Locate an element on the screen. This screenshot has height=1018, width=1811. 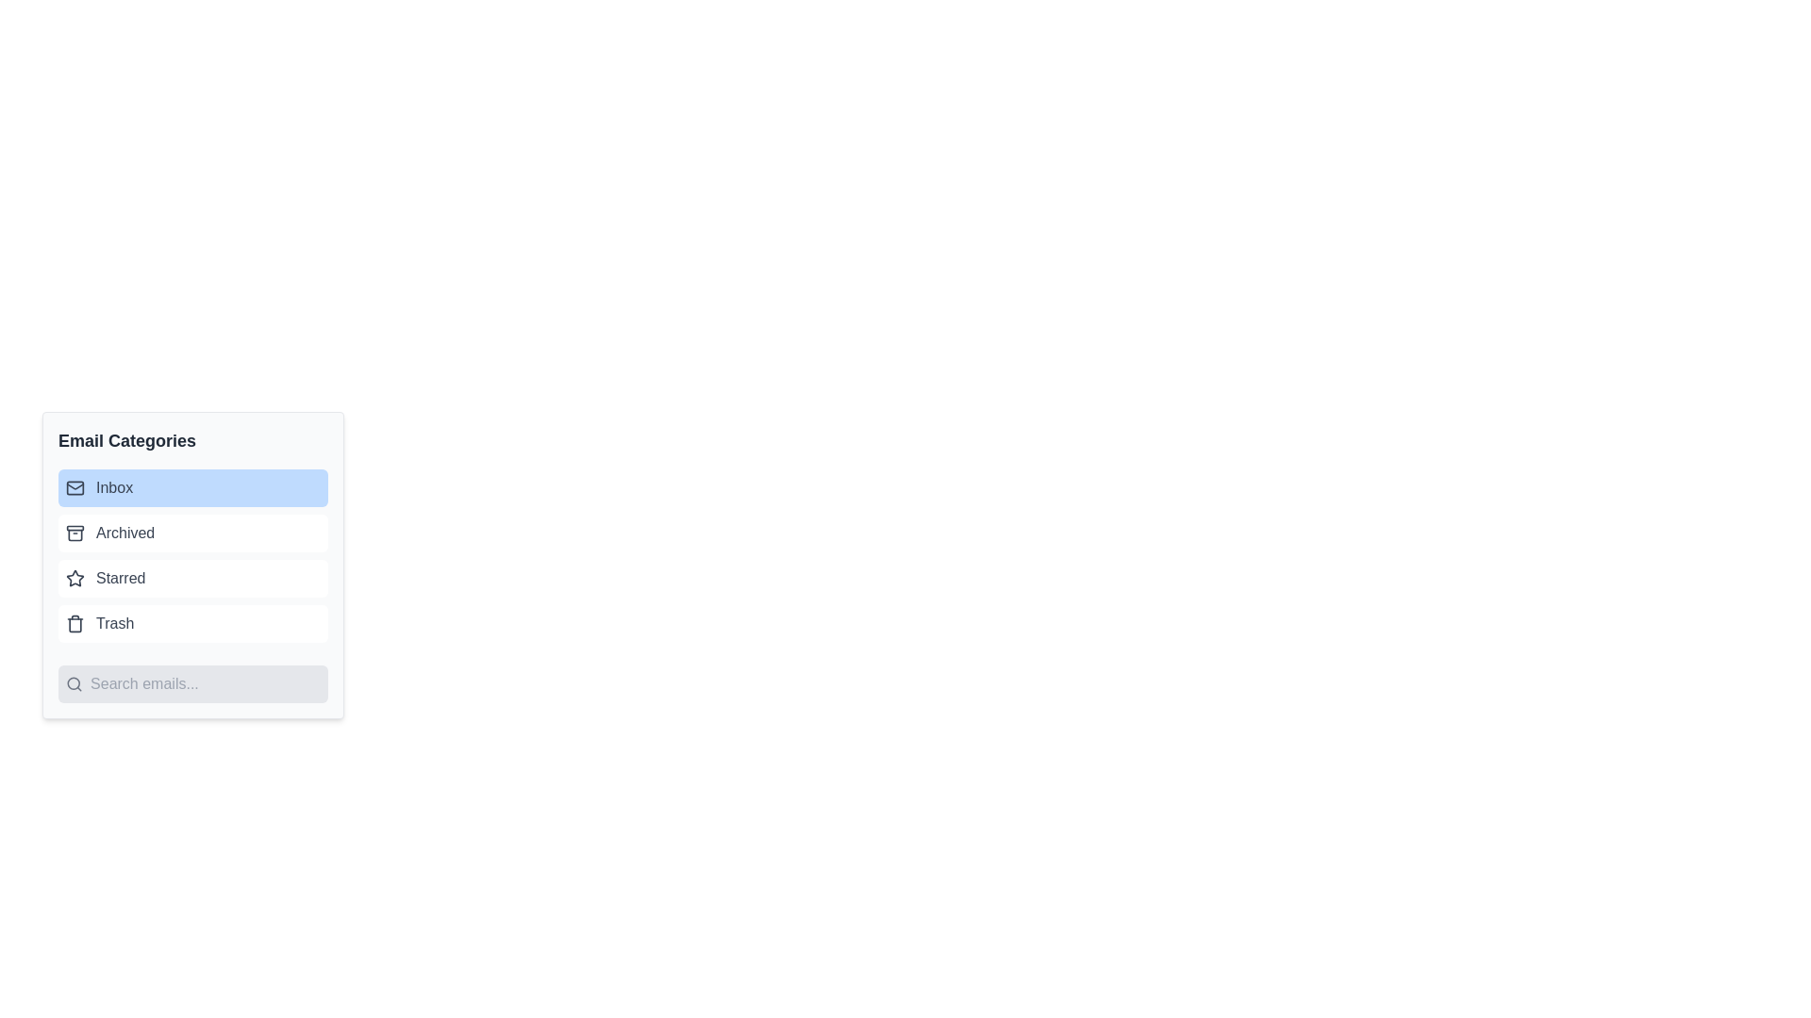
the button corresponding to the category Inbox is located at coordinates (193, 486).